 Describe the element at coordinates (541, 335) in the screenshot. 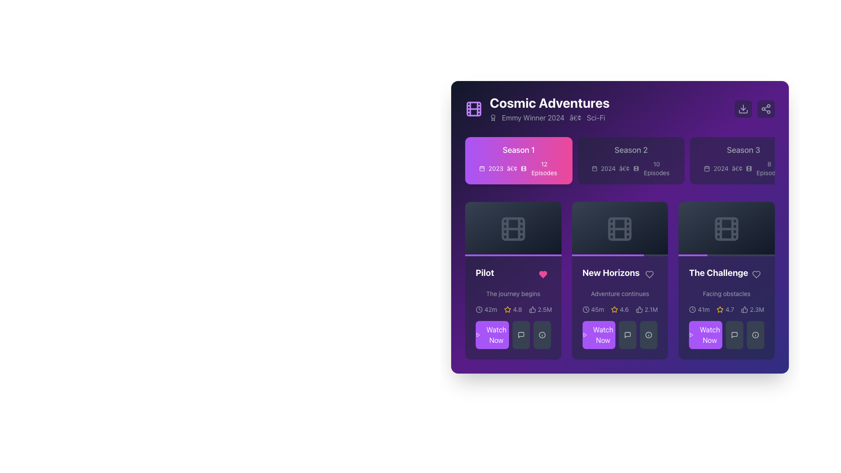

I see `the centrally positioned SVG icon (Information) located in the bottom row of buttons below the 'Pilot' episode card` at that location.